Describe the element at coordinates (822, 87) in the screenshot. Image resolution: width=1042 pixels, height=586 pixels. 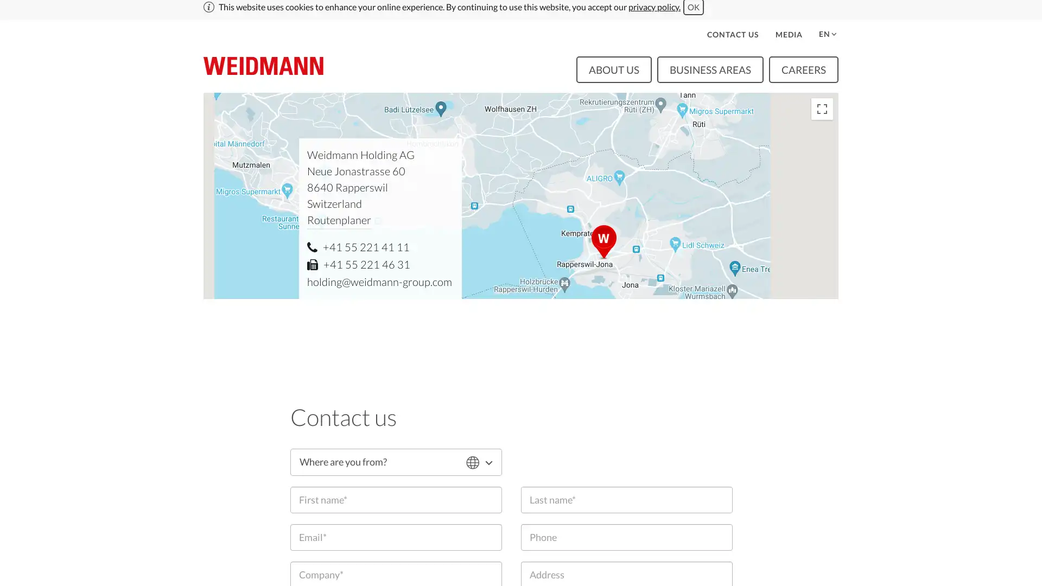
I see `Toggle fullscreen view` at that location.